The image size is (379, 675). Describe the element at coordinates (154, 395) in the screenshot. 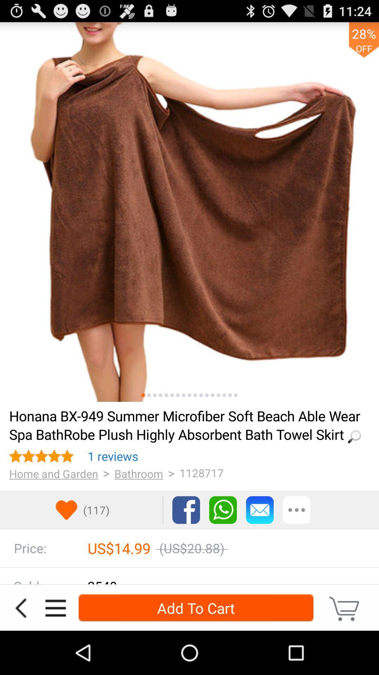

I see `the icon above loading... item` at that location.